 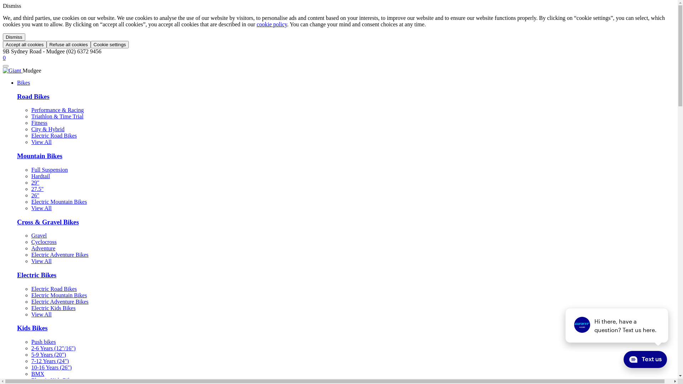 I want to click on 'Fitness', so click(x=31, y=122).